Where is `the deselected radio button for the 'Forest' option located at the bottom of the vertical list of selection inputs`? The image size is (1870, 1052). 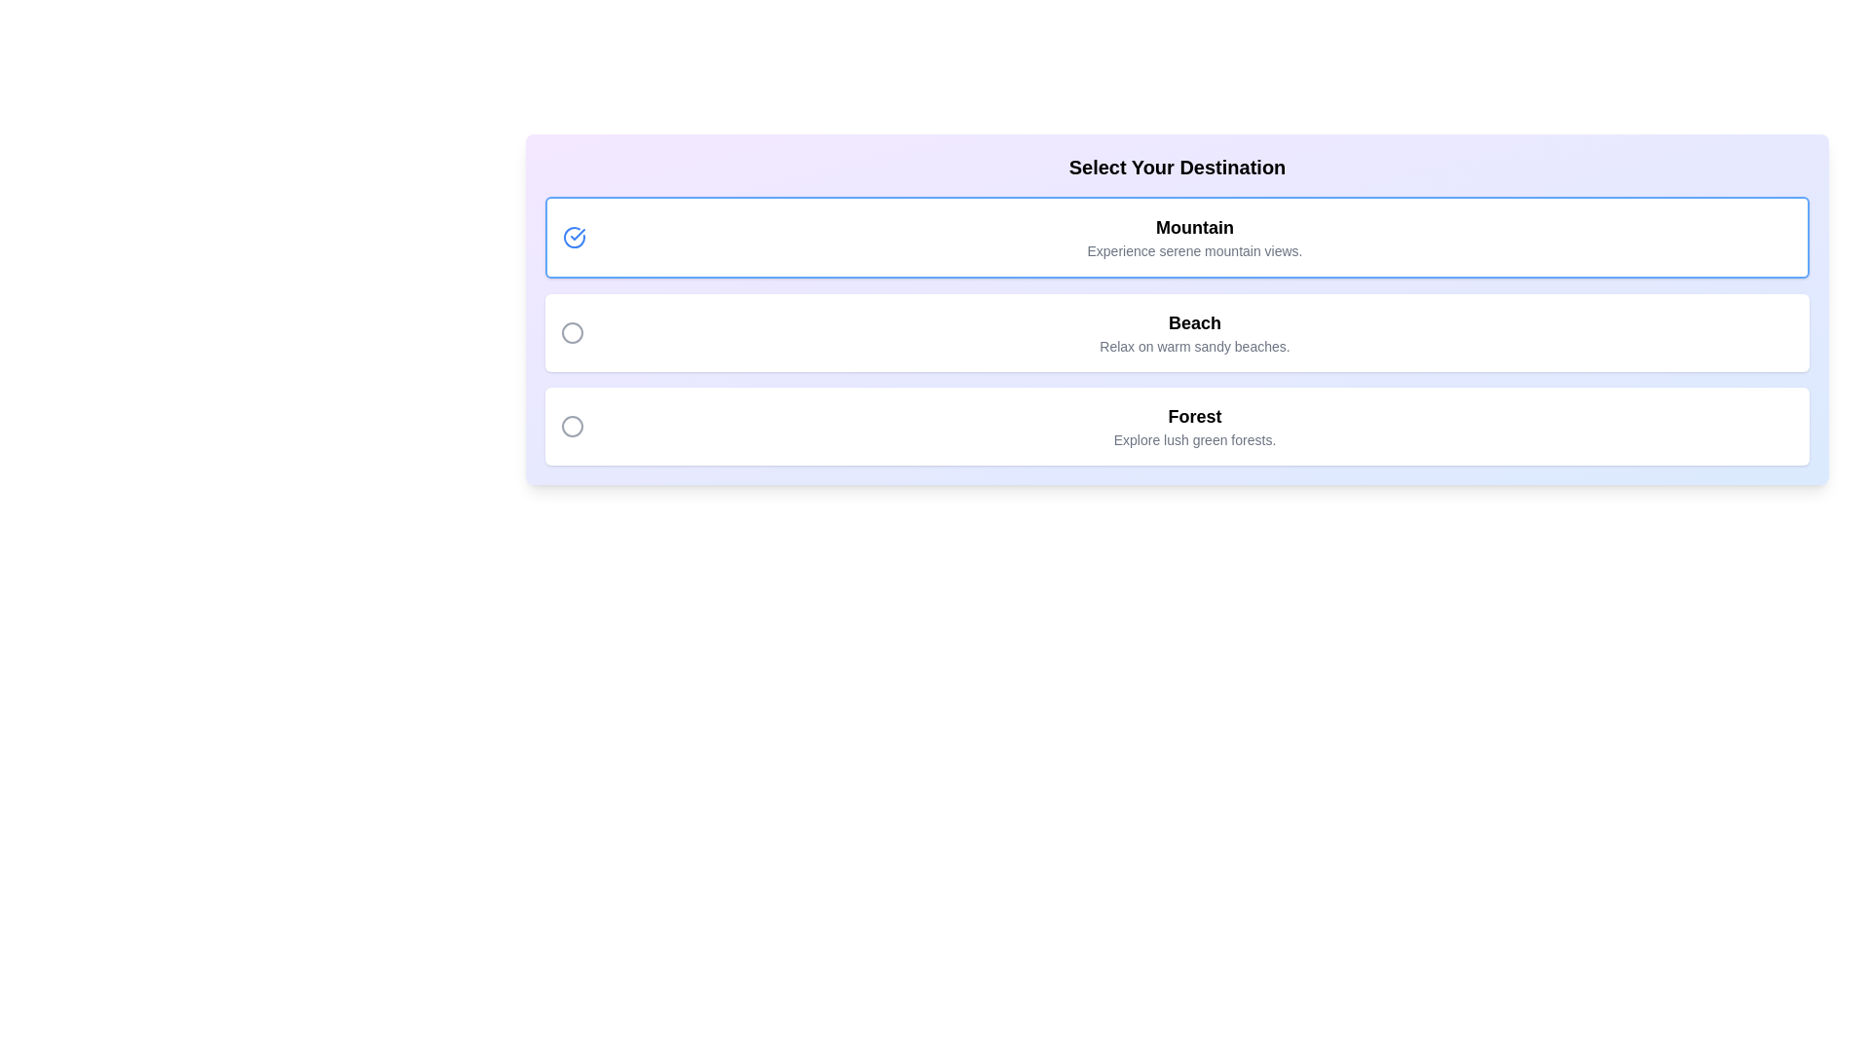
the deselected radio button for the 'Forest' option located at the bottom of the vertical list of selection inputs is located at coordinates (572, 426).